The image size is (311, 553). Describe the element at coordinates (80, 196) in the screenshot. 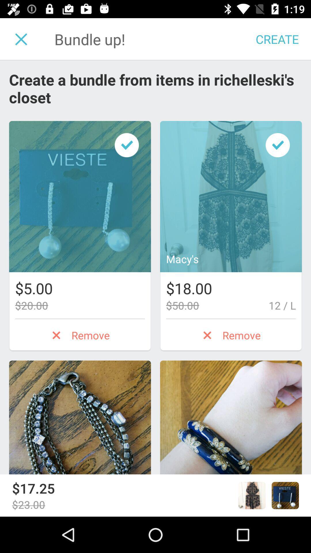

I see `the first image of the page` at that location.